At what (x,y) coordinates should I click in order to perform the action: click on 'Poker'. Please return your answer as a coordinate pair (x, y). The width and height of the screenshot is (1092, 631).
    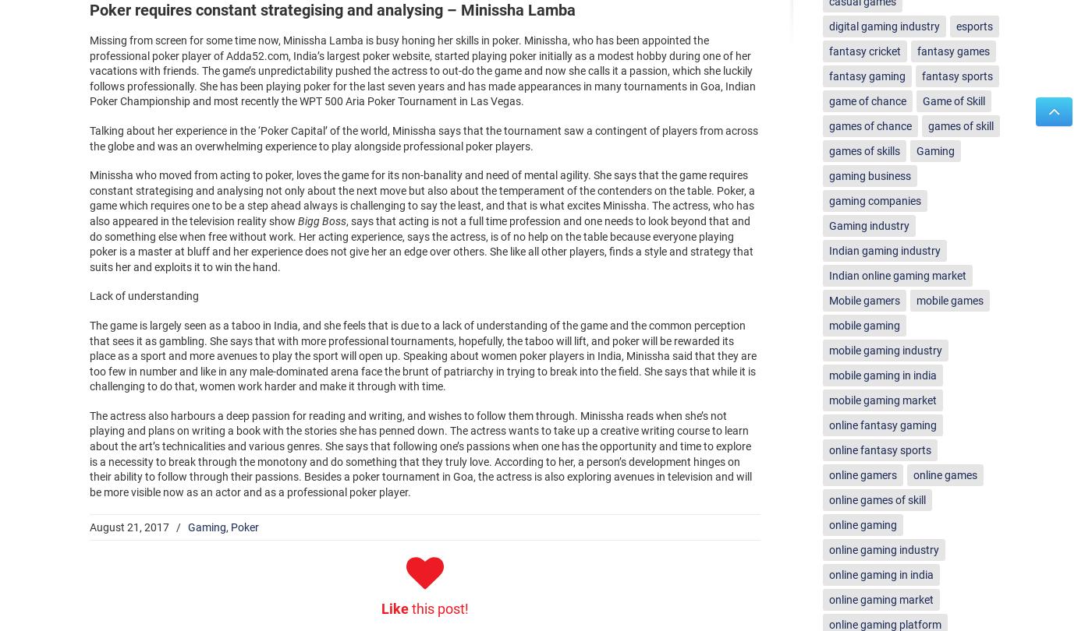
    Looking at the image, I should click on (230, 526).